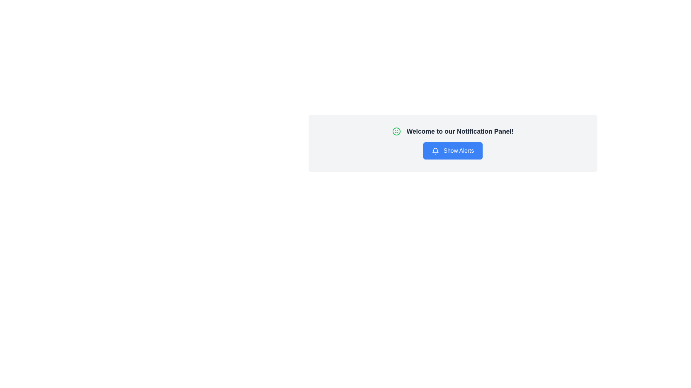 This screenshot has width=691, height=388. Describe the element at coordinates (435, 151) in the screenshot. I see `the bell-shaped icon within the 'Show Alerts' button` at that location.